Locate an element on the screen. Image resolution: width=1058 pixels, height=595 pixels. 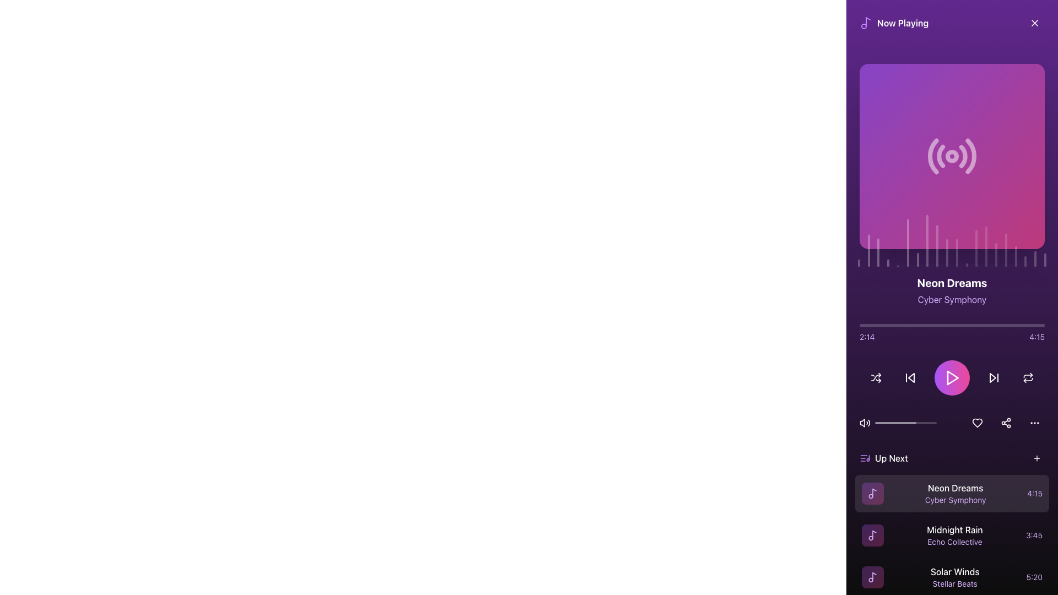
the text display element featuring the title 'Neon Dreams' and subtitle 'Cyber Symphony' to associate it with the track is located at coordinates (954, 493).